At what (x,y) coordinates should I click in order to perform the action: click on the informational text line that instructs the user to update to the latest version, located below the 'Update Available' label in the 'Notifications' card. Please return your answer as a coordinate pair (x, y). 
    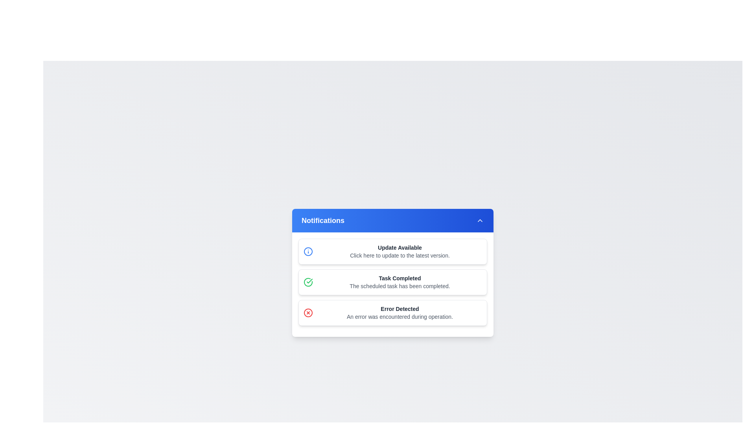
    Looking at the image, I should click on (400, 256).